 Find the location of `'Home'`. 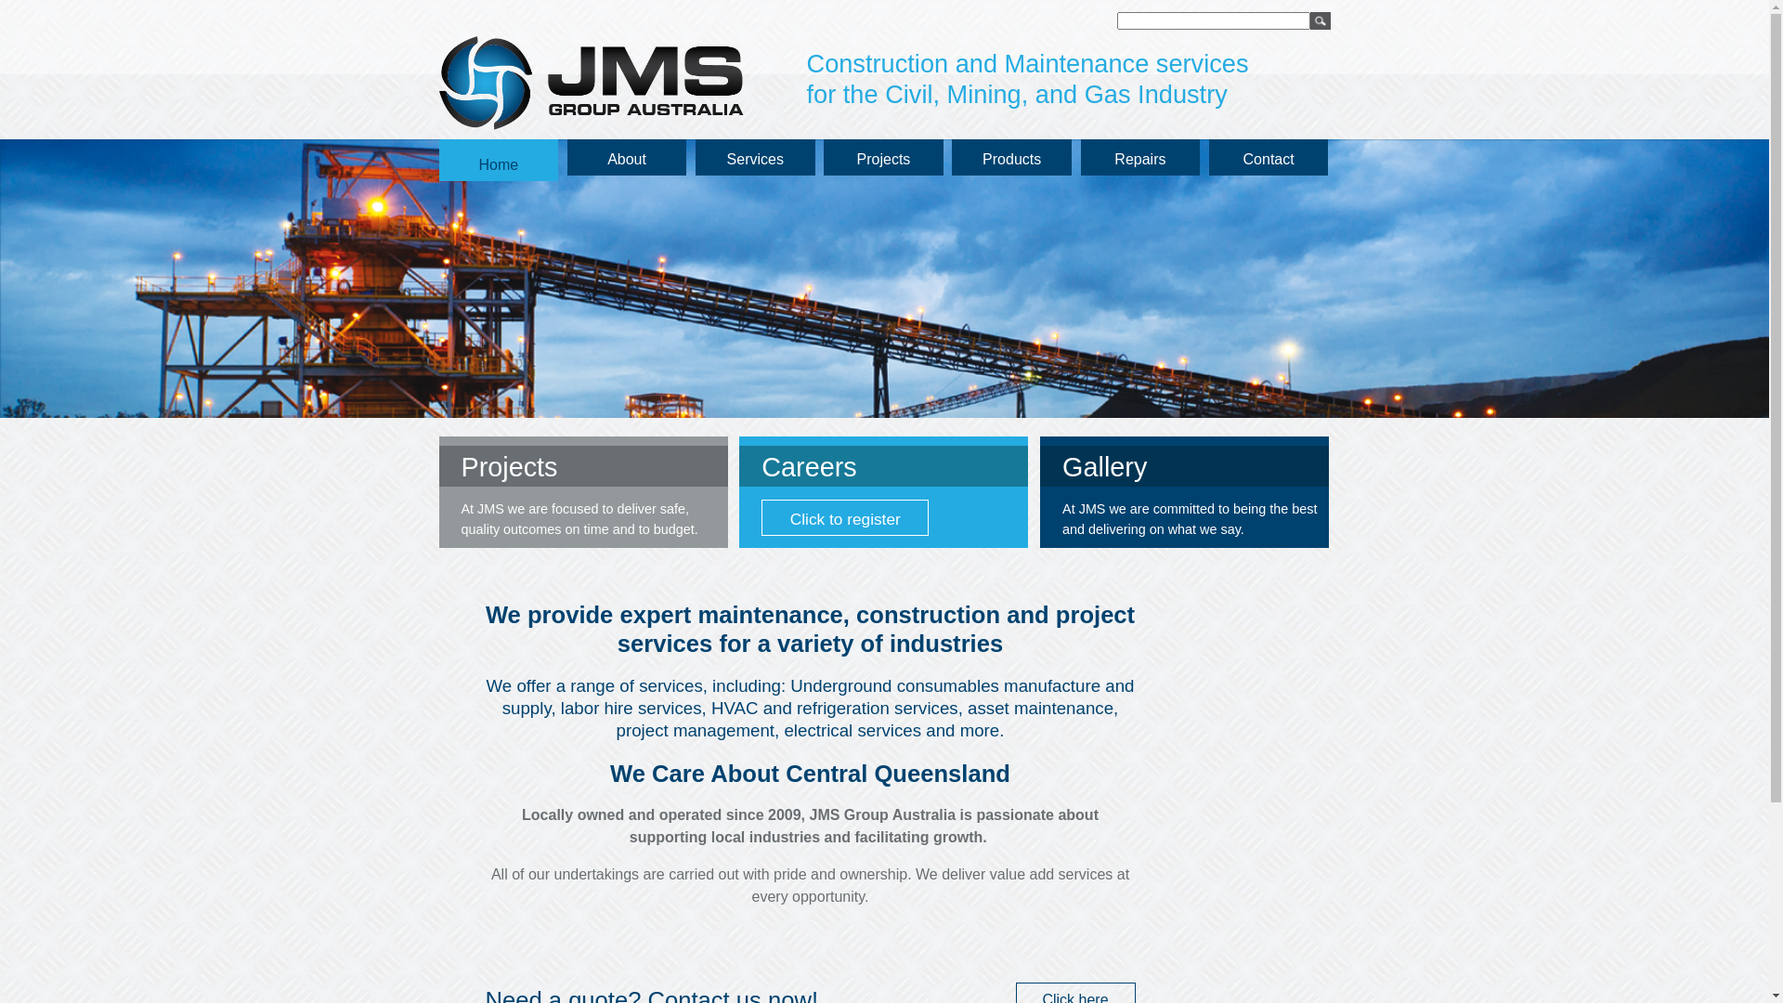

'Home' is located at coordinates (436, 159).